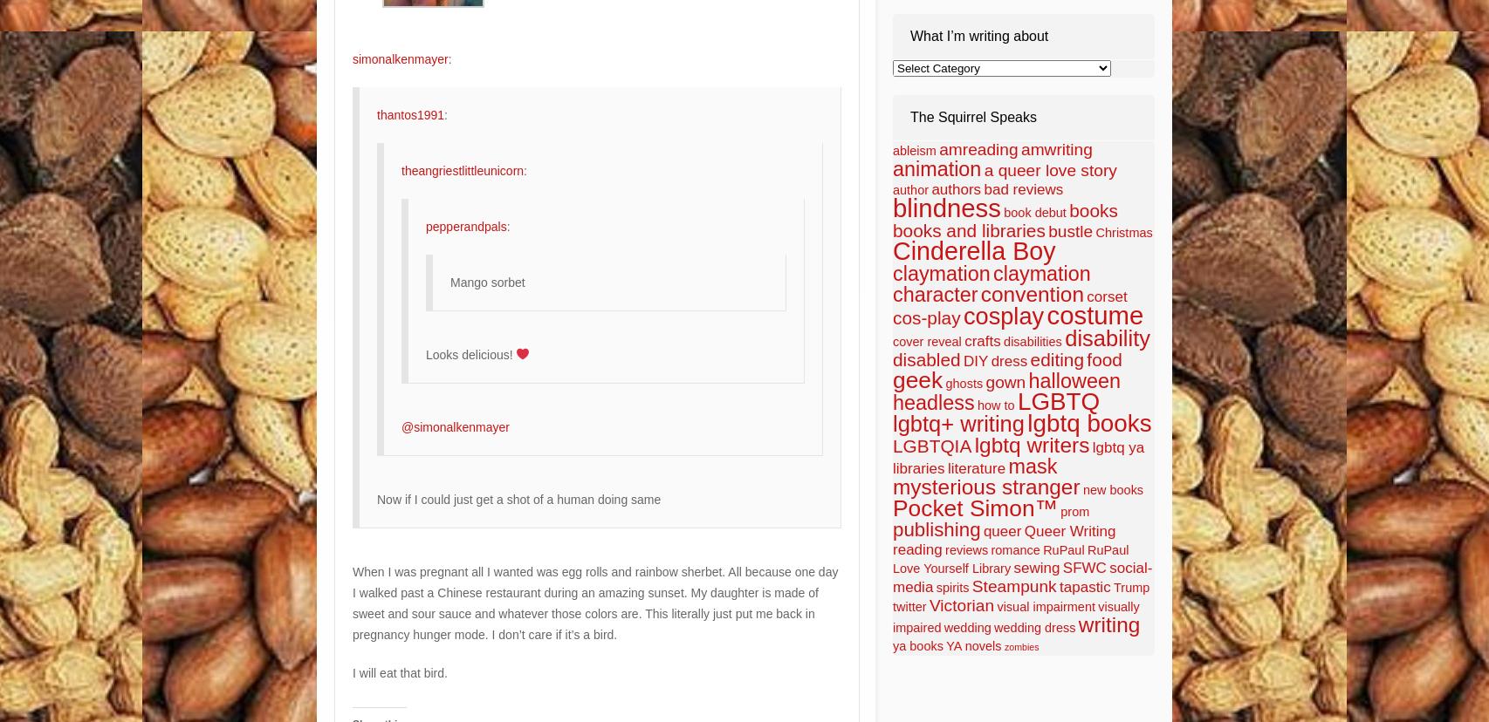 Image resolution: width=1489 pixels, height=722 pixels. I want to click on 'amwriting', so click(1056, 149).